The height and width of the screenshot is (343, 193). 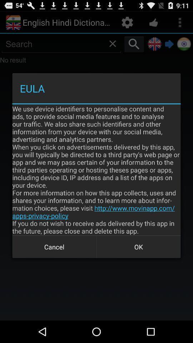 I want to click on we use device icon, so click(x=96, y=170).